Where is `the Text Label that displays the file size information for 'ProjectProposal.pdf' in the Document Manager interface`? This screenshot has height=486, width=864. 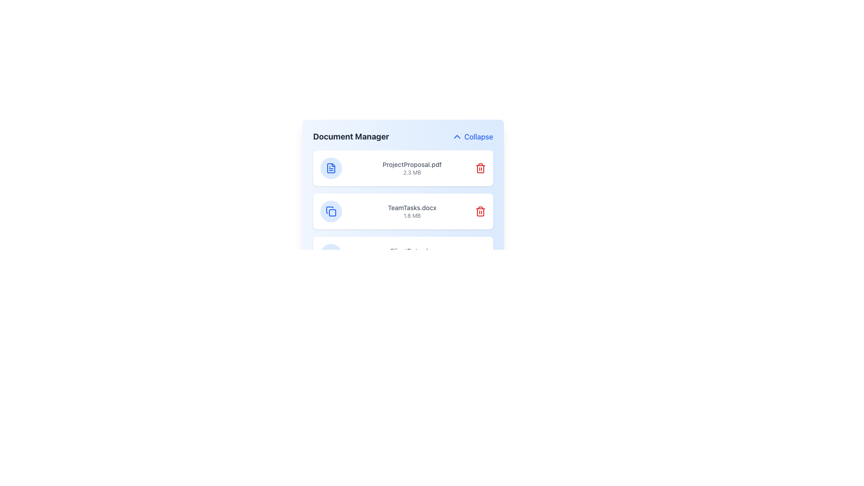 the Text Label that displays the file size information for 'ProjectProposal.pdf' in the Document Manager interface is located at coordinates (412, 173).